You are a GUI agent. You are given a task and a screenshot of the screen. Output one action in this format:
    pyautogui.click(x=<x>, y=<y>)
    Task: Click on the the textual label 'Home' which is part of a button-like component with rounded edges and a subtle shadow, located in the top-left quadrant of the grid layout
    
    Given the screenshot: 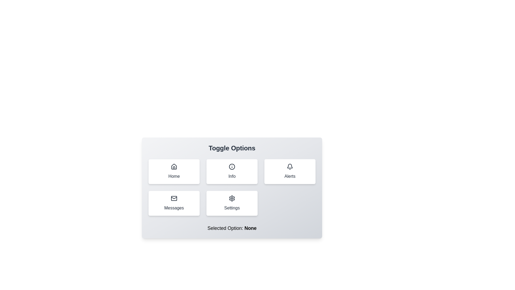 What is the action you would take?
    pyautogui.click(x=174, y=176)
    